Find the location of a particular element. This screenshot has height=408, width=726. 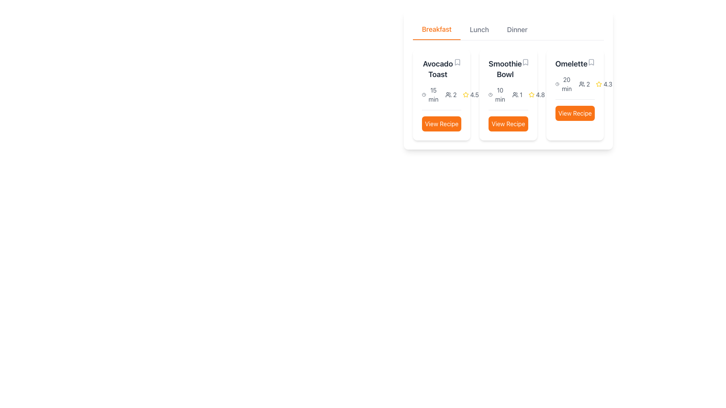

text label that displays 'Omelette', which is styled in a bold font and is part of the recipe card layout is located at coordinates (575, 63).